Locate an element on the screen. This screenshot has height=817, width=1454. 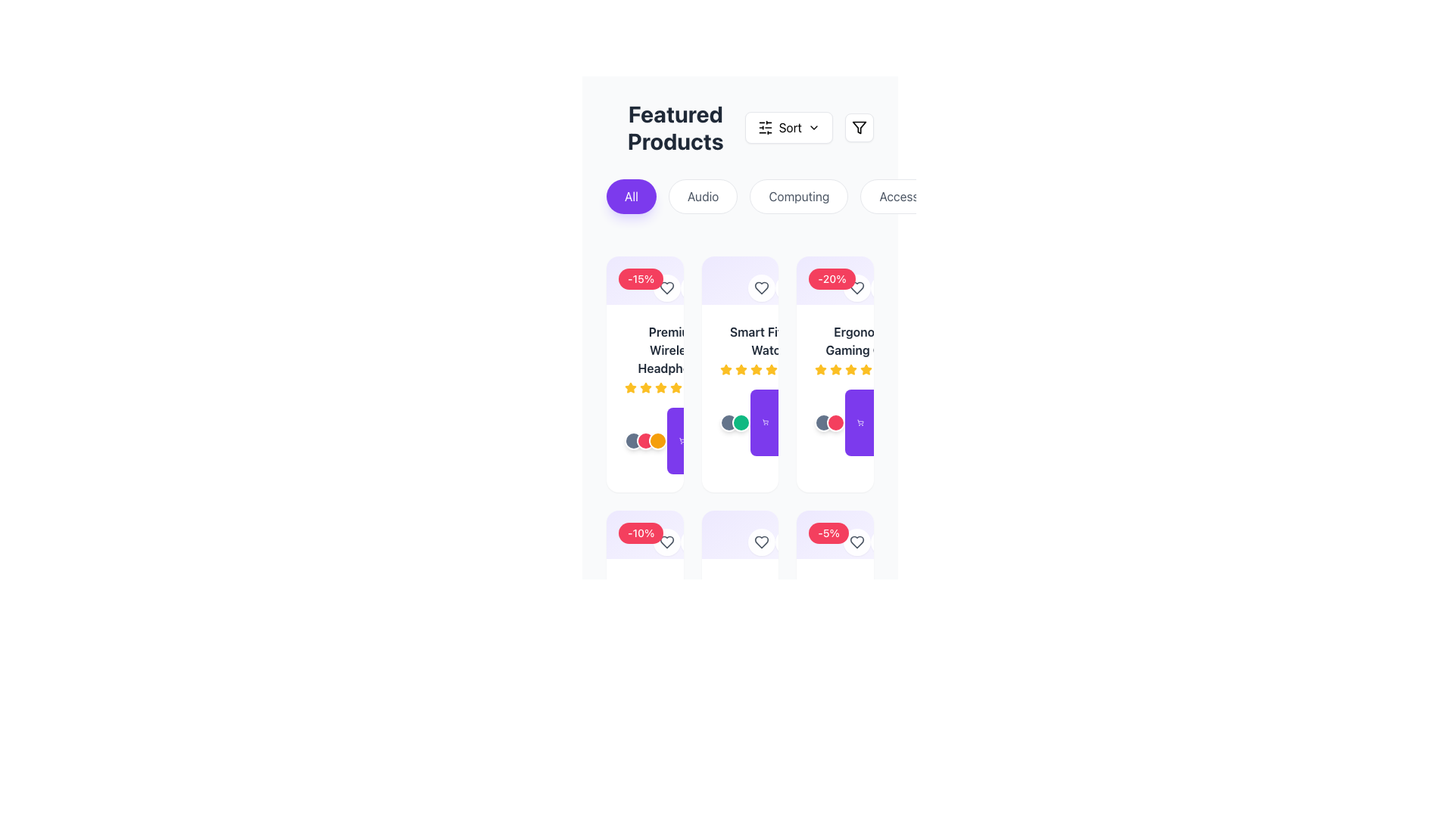
the favorite button located in the top-right corner of the product card, adjacent to the discount badge, to mark the product as favorite is located at coordinates (857, 542).